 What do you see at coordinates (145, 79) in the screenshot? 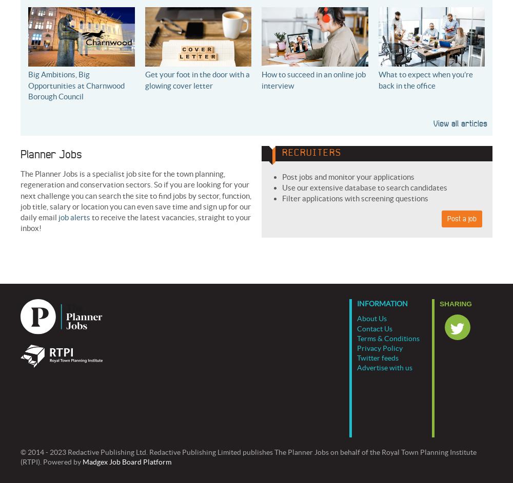
I see `'Get your foot in the door with a glowing cover letter'` at bounding box center [145, 79].